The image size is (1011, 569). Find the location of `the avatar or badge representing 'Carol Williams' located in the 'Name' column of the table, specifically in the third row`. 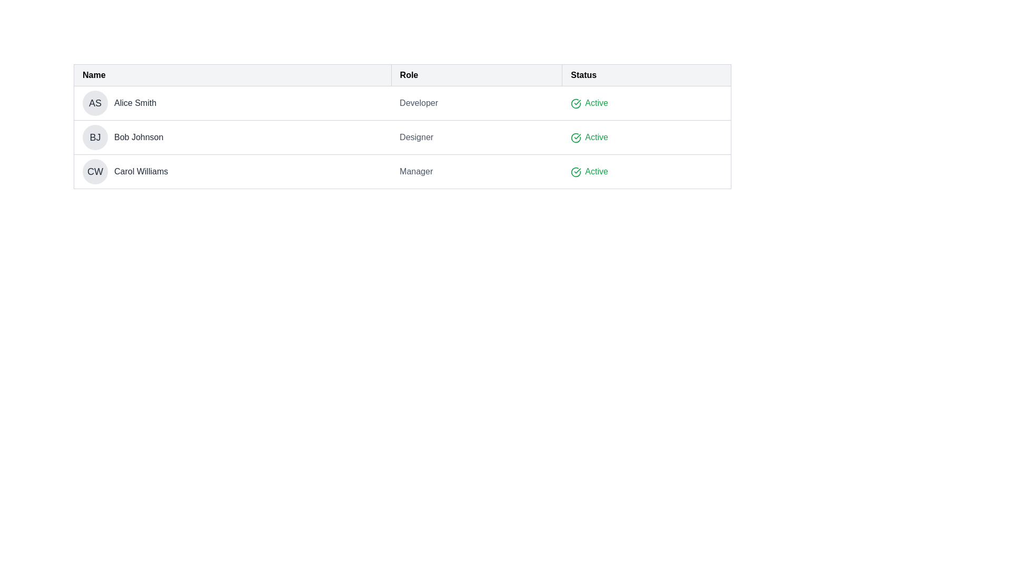

the avatar or badge representing 'Carol Williams' located in the 'Name' column of the table, specifically in the third row is located at coordinates (95, 171).